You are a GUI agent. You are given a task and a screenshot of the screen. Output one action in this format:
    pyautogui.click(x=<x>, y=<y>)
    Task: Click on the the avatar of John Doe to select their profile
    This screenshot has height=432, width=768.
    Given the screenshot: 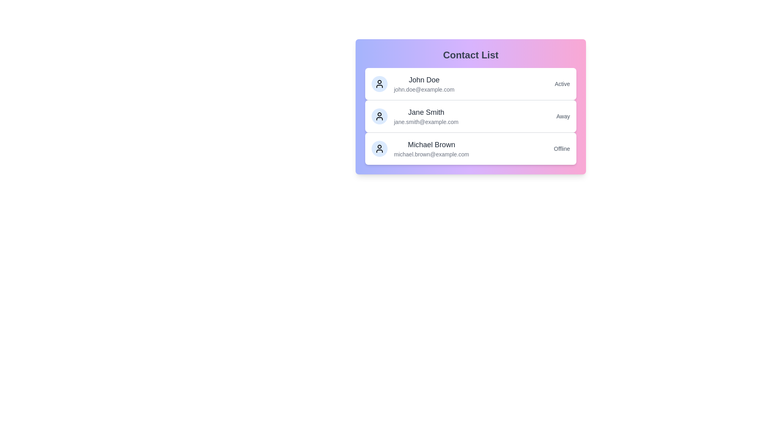 What is the action you would take?
    pyautogui.click(x=379, y=84)
    